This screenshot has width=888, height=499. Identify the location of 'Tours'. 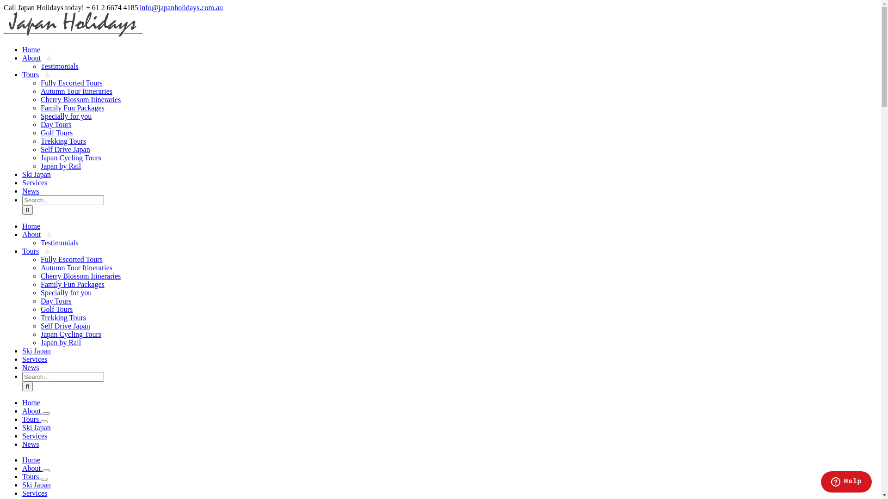
(31, 419).